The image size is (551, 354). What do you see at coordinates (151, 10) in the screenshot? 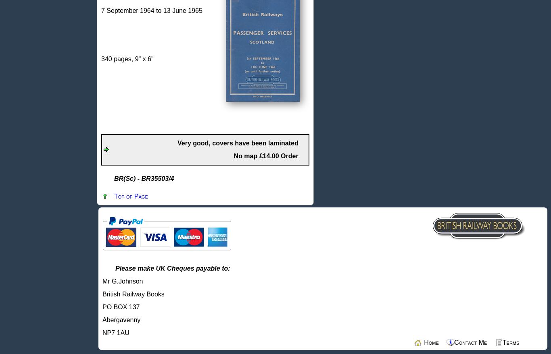
I see `'7 September 1964 to 13 June 1965'` at bounding box center [151, 10].